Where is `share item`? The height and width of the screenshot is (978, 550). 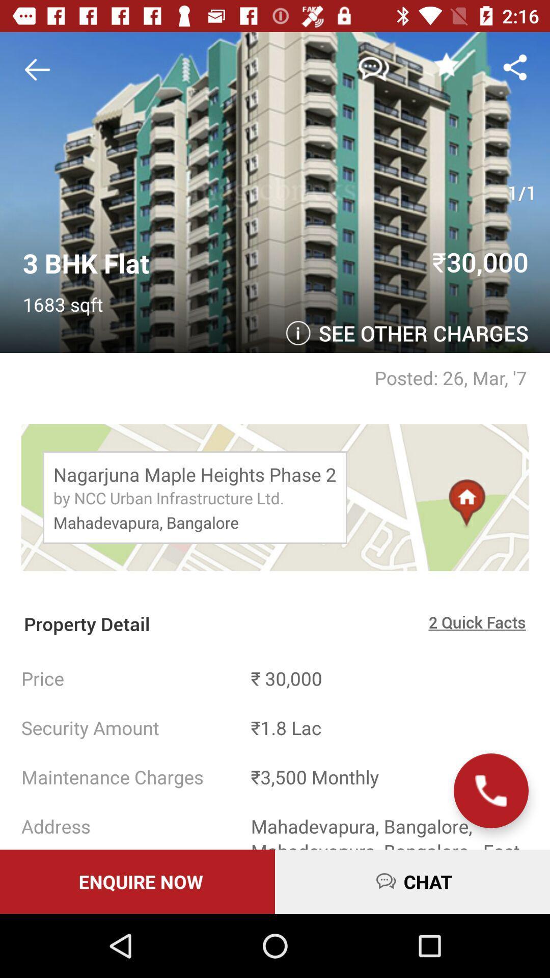
share item is located at coordinates (515, 66).